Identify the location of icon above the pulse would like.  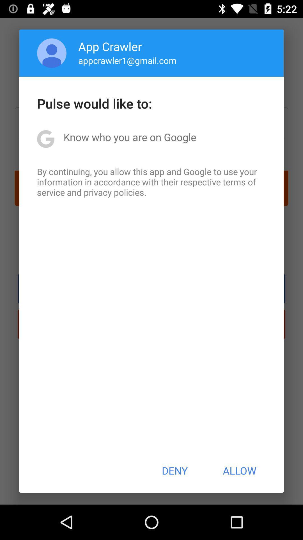
(127, 60).